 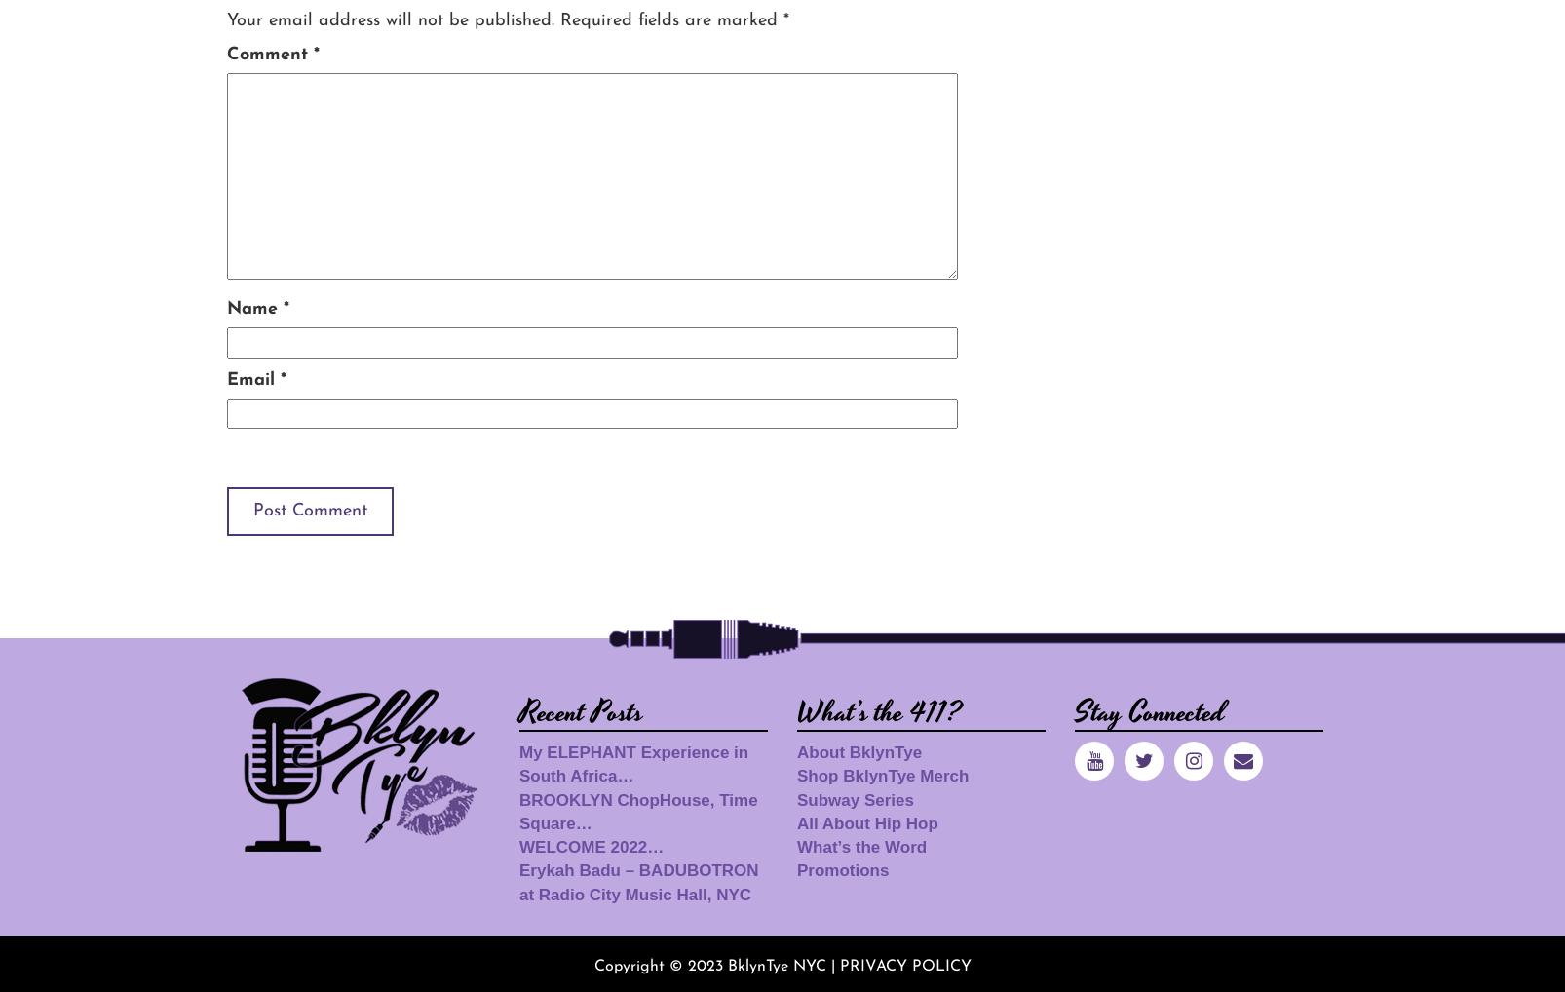 I want to click on 'My ELEPHANT Experience in South Africa…', so click(x=518, y=763).